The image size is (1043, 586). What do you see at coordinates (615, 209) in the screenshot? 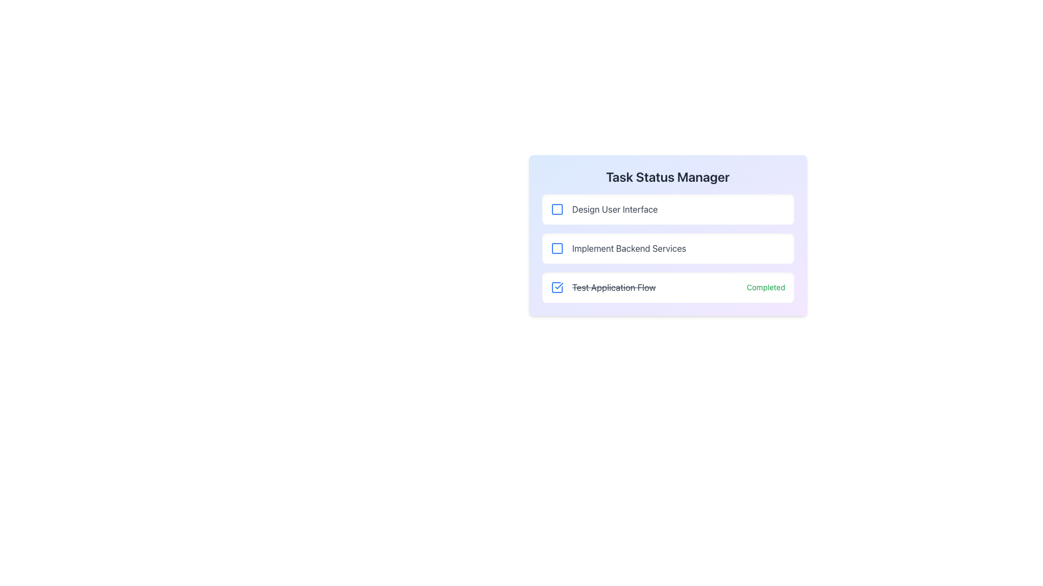
I see `the checkbox associated with the task labeled 'Design User Interface' to mark it as completed` at bounding box center [615, 209].